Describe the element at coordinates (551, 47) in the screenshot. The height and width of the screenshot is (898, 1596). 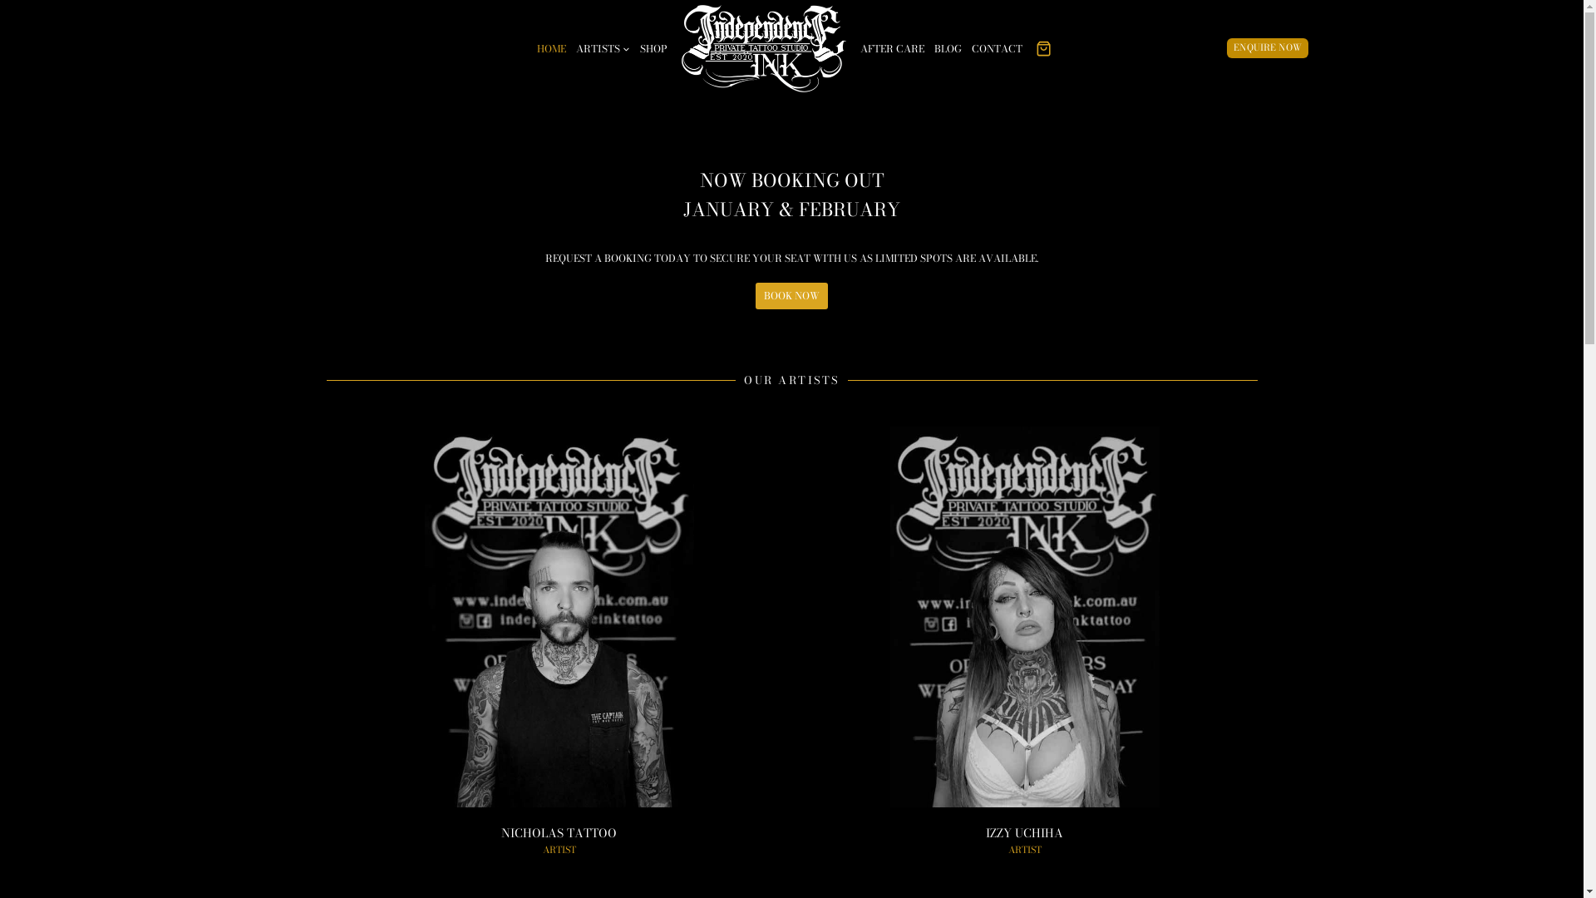
I see `'HOME'` at that location.